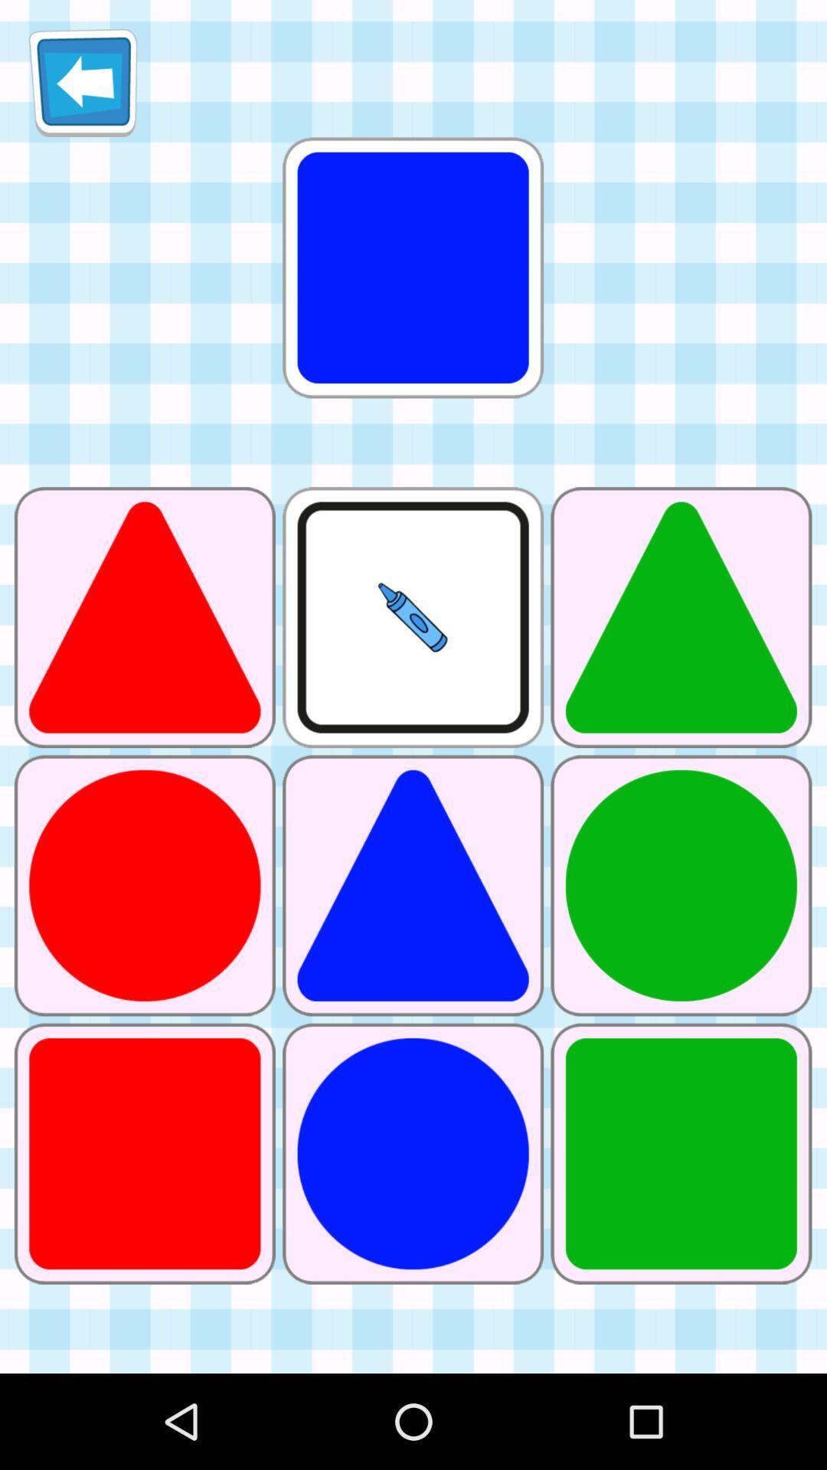 This screenshot has height=1470, width=827. Describe the element at coordinates (83, 82) in the screenshot. I see `icon at the top left corner` at that location.